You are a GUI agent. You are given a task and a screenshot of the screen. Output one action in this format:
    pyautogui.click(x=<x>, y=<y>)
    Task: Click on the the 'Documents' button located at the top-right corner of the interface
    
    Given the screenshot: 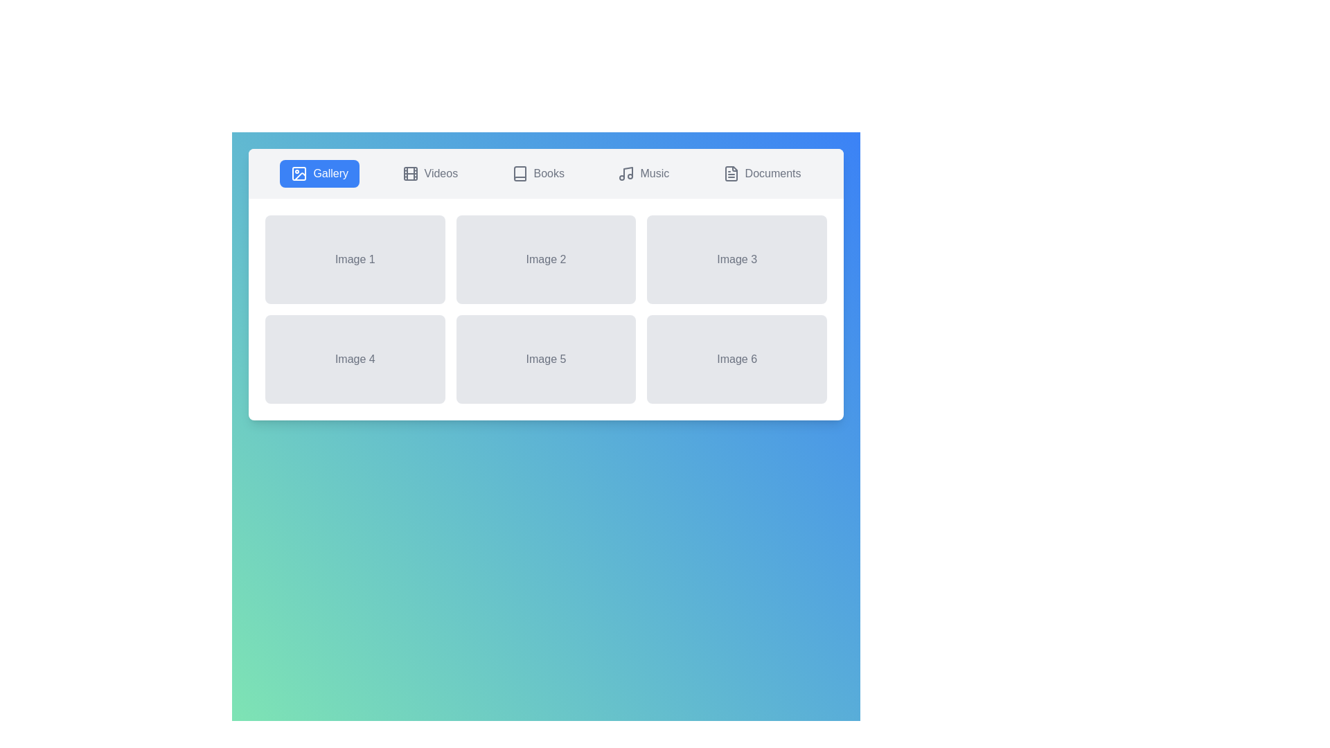 What is the action you would take?
    pyautogui.click(x=761, y=172)
    